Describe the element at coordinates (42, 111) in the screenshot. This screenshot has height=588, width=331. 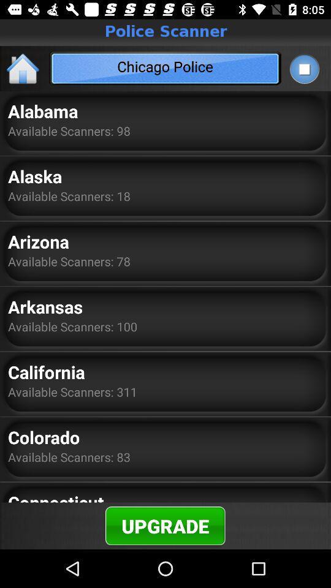
I see `the alabama app` at that location.